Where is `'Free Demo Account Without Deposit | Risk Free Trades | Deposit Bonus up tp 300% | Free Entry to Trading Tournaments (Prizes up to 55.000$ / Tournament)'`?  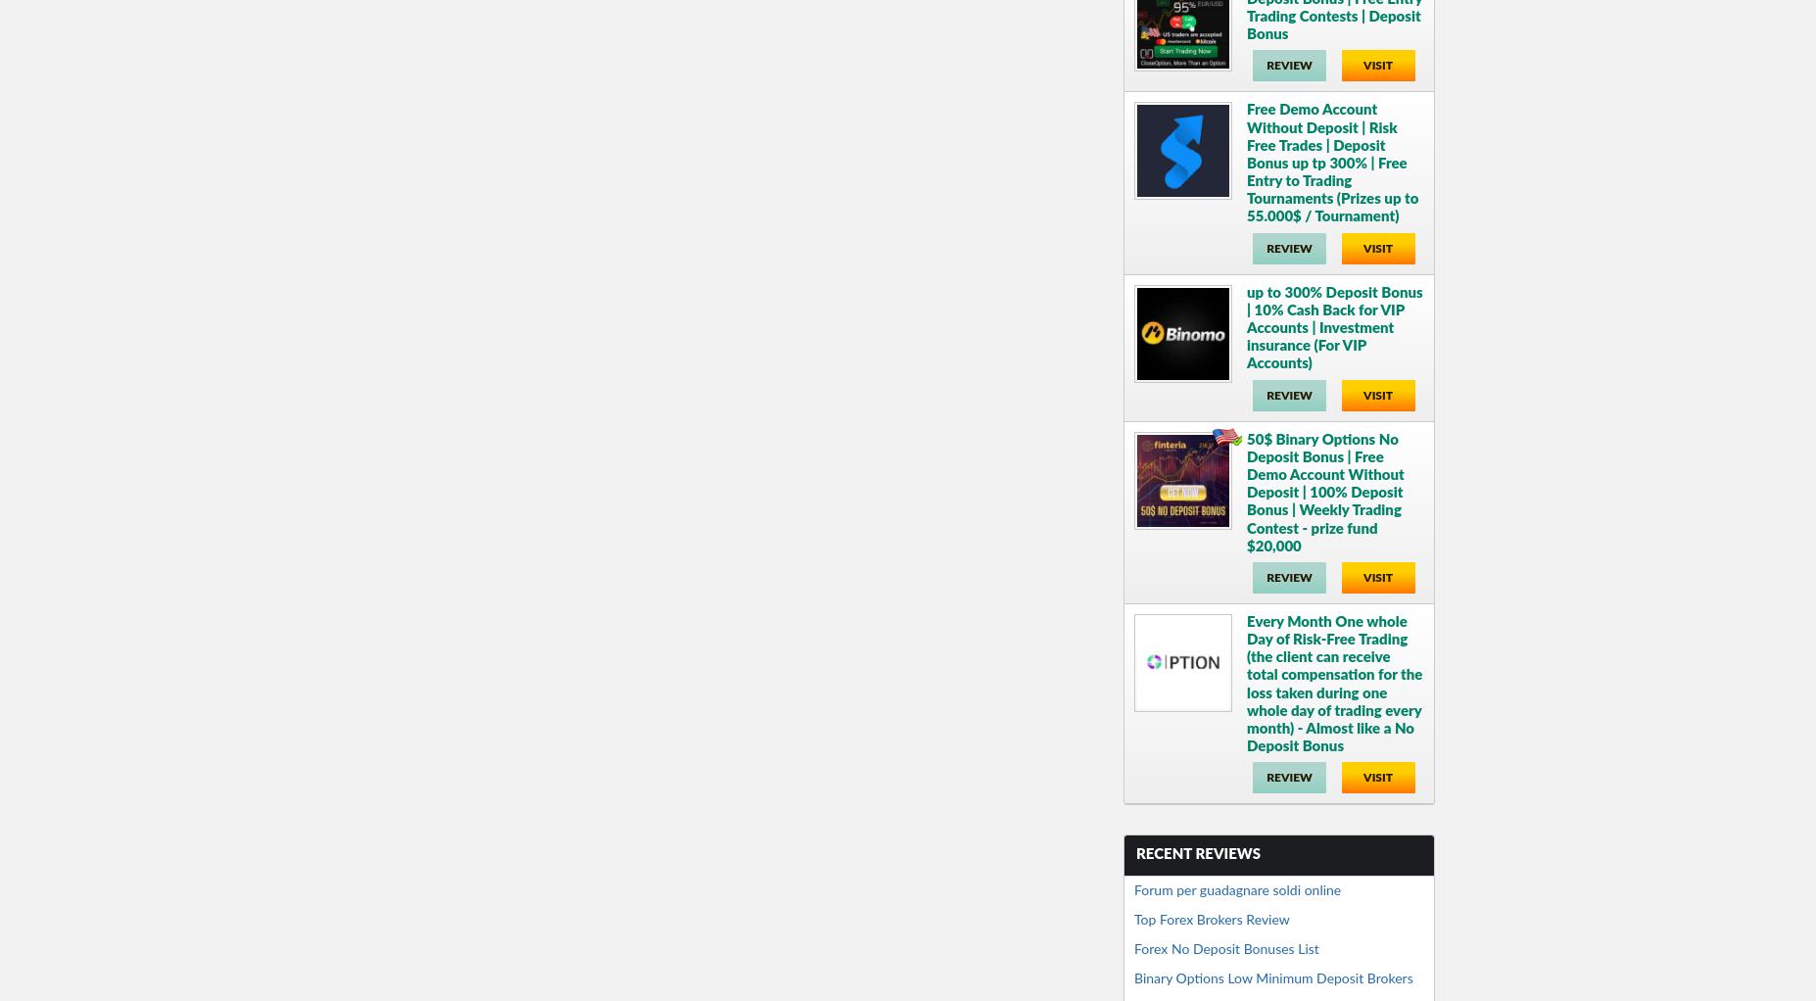
'Free Demo Account Without Deposit | Risk Free Trades | Deposit Bonus up tp 300% | Free Entry to Trading Tournaments (Prizes up to 55.000$ / Tournament)' is located at coordinates (1331, 162).